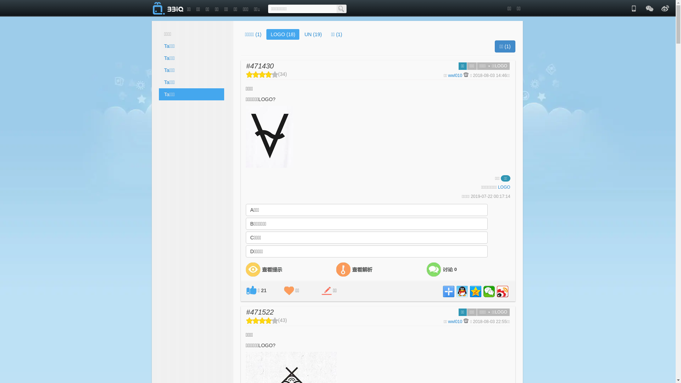  I want to click on 'UN (19)', so click(312, 34).